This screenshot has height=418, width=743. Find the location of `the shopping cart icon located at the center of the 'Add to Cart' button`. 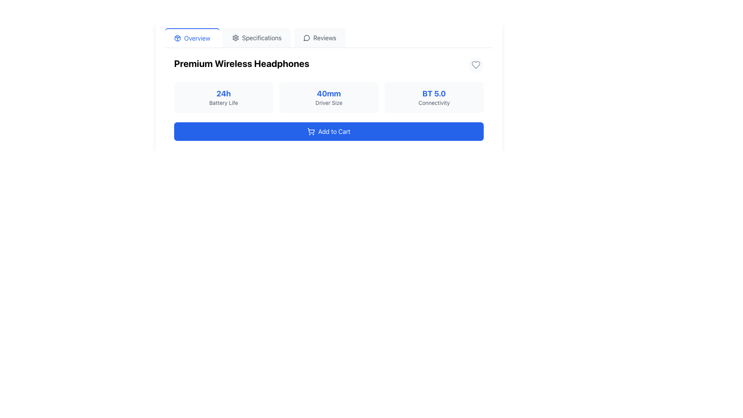

the shopping cart icon located at the center of the 'Add to Cart' button is located at coordinates (311, 130).